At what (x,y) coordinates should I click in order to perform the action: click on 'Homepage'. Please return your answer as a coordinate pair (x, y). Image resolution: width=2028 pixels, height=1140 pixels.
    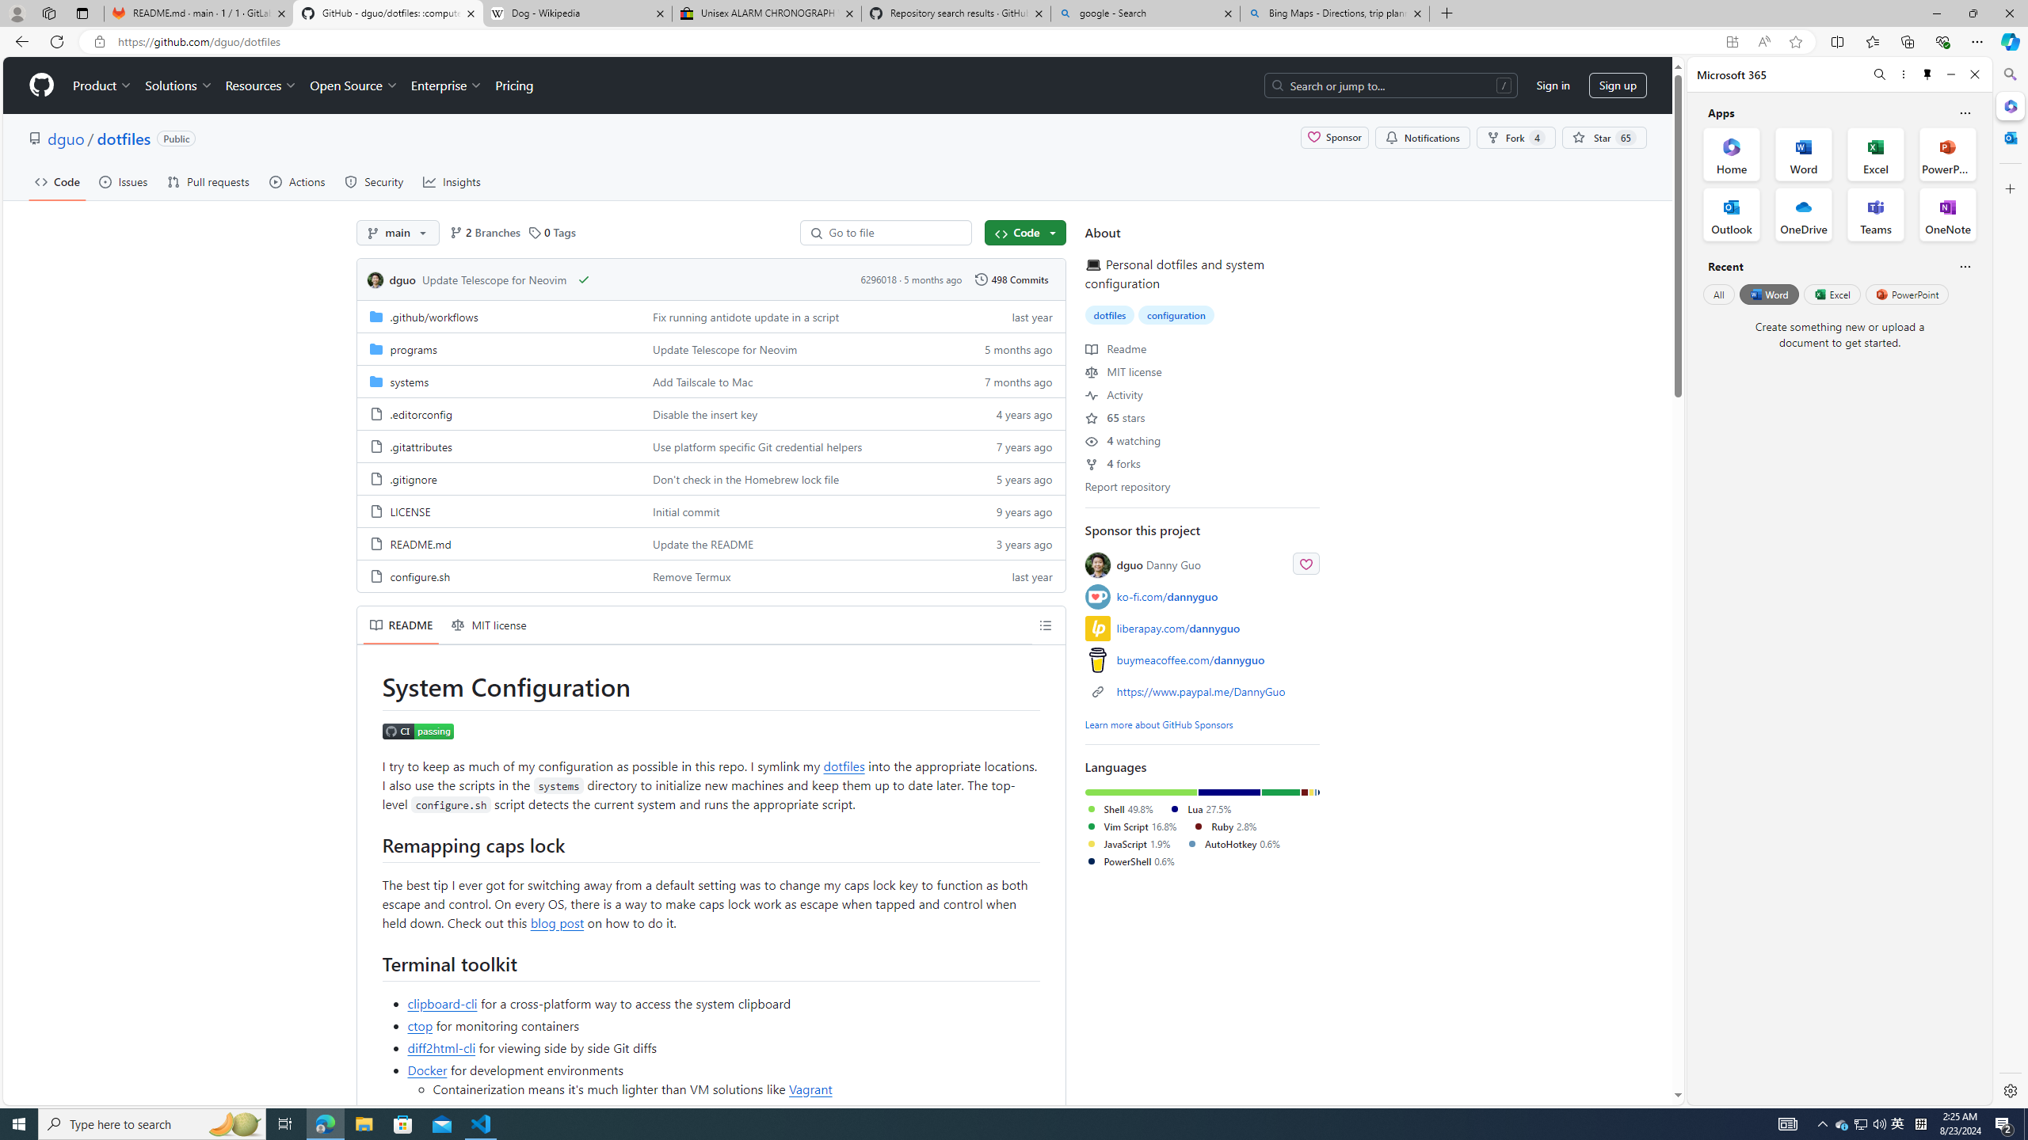
    Looking at the image, I should click on (41, 85).